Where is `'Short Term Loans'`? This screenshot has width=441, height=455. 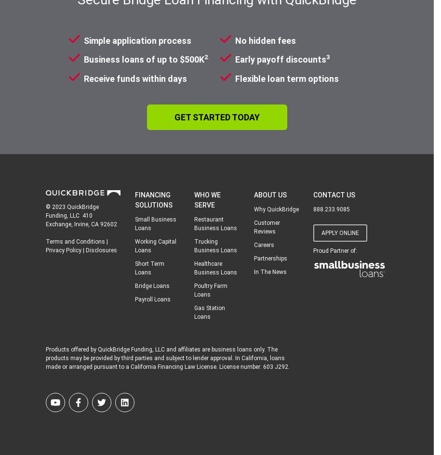
'Short Term Loans' is located at coordinates (149, 268).